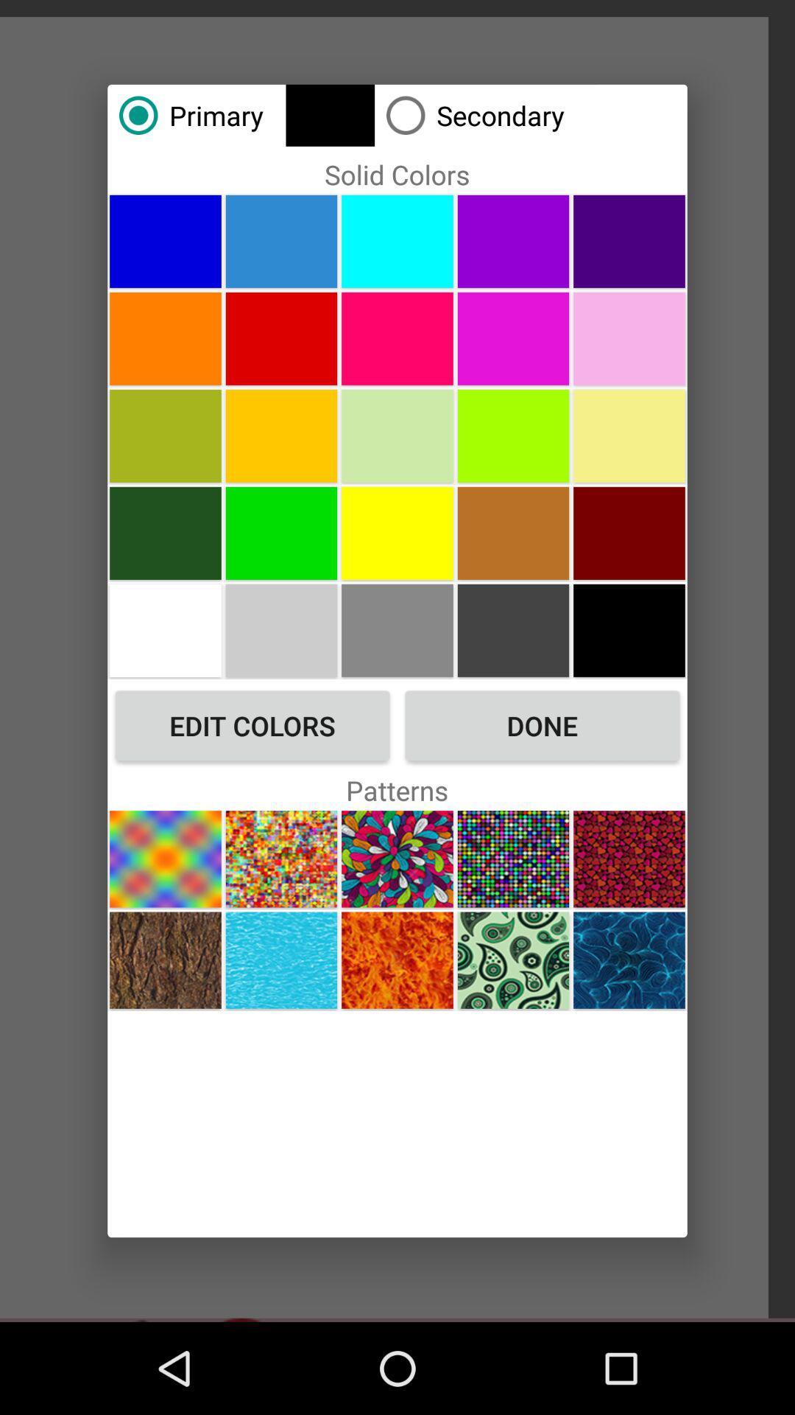 The image size is (795, 1415). I want to click on this color, so click(512, 338).